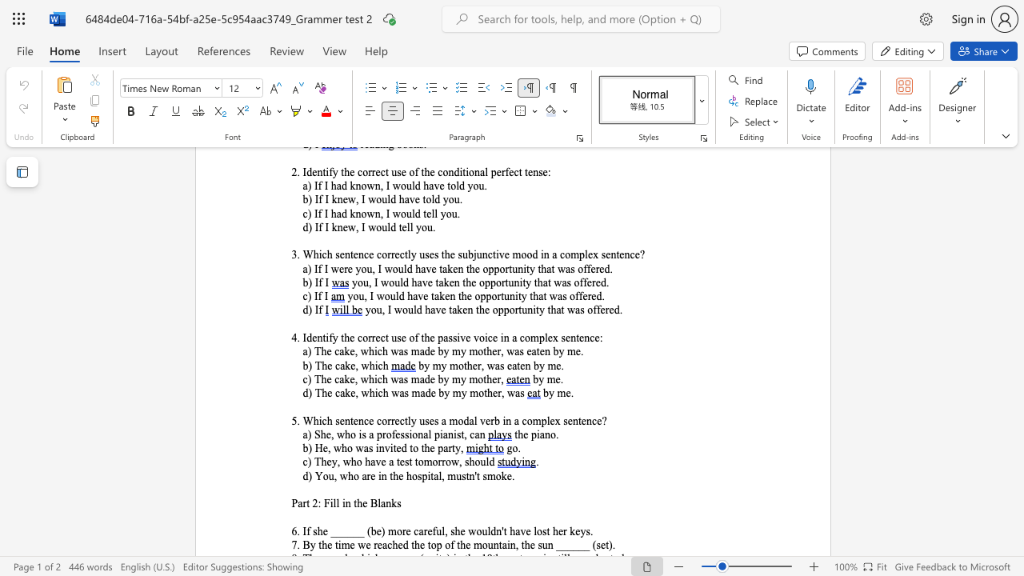 This screenshot has width=1024, height=576. Describe the element at coordinates (334, 366) in the screenshot. I see `the subset text "cak" within the text "b) The cake, which"` at that location.